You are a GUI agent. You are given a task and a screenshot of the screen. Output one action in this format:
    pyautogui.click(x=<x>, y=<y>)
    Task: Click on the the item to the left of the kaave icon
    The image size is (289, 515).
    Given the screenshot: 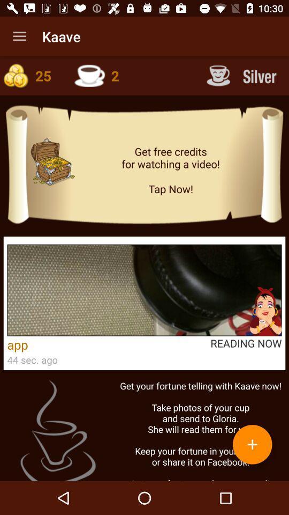 What is the action you would take?
    pyautogui.click(x=19, y=36)
    